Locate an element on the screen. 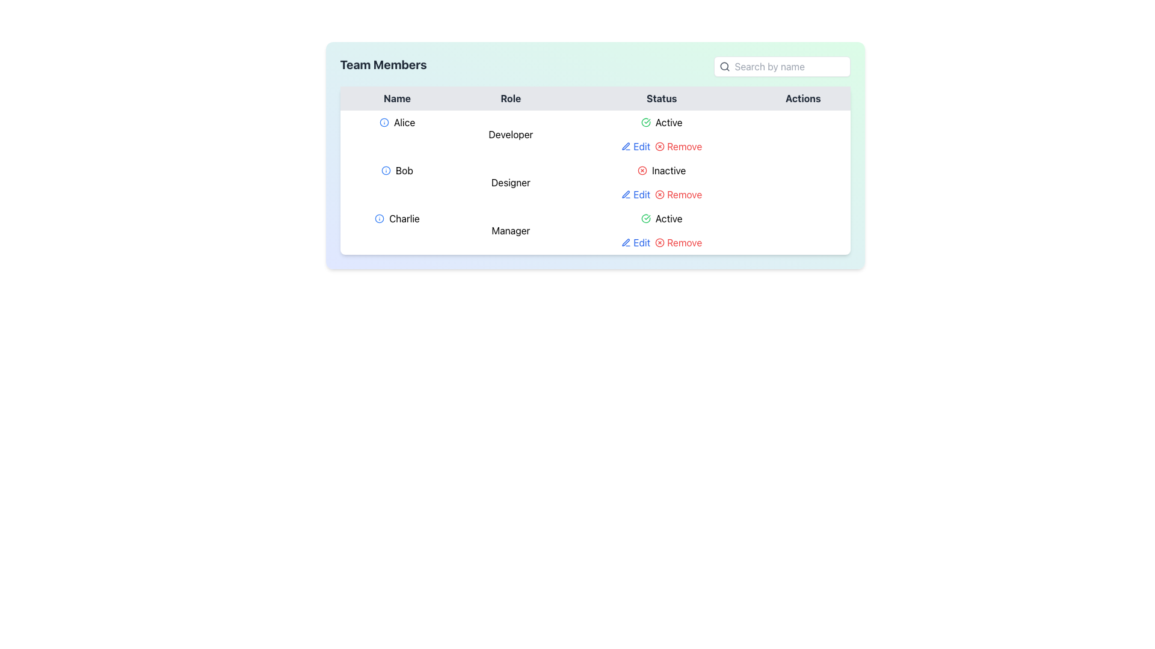  the 'Edit' text link with a pencil icon located in the 'Actions' column for the row corresponding to 'Bob', a Designer, to initiate the edit action is located at coordinates (635, 194).